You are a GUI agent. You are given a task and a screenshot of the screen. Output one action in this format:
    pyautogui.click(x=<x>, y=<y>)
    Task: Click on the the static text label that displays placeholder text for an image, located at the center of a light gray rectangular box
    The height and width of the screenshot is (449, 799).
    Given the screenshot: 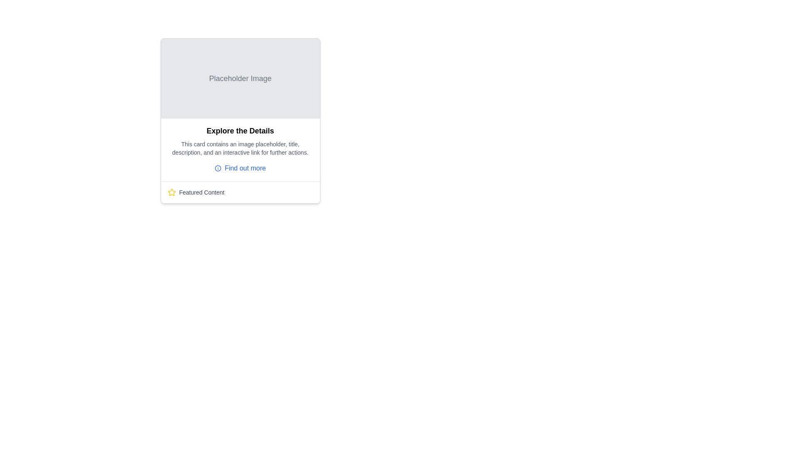 What is the action you would take?
    pyautogui.click(x=240, y=79)
    